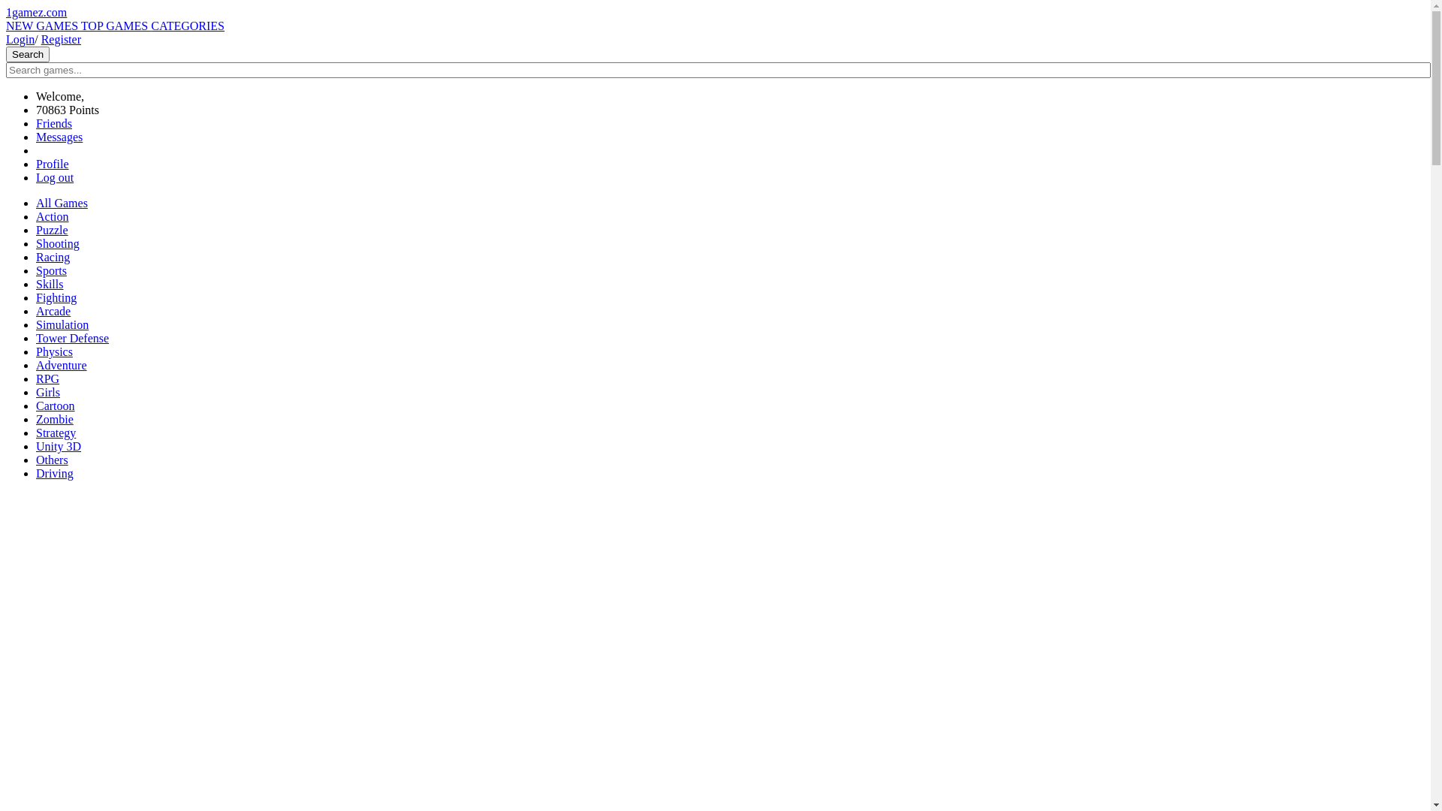 This screenshot has width=1442, height=811. Describe the element at coordinates (52, 230) in the screenshot. I see `'Puzzle'` at that location.